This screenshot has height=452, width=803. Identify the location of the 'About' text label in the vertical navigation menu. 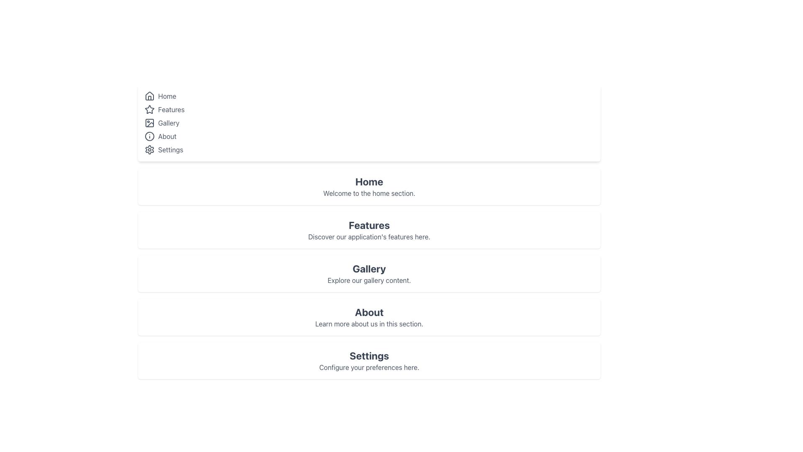
(167, 136).